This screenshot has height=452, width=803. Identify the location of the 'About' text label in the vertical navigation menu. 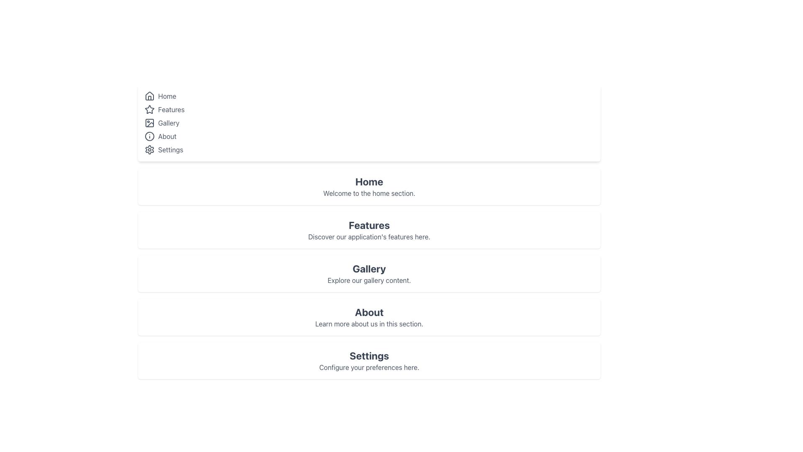
(167, 136).